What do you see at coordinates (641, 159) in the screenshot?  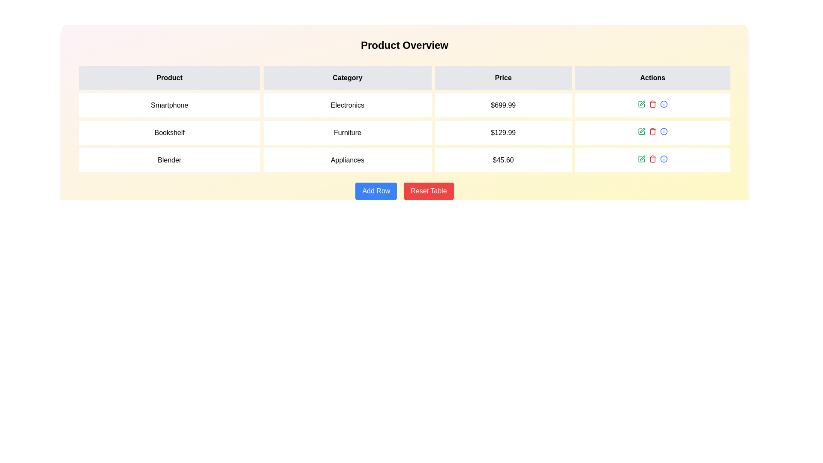 I see `the green pen edit icon located in the 'Actions' column of the last row for 'Blender'` at bounding box center [641, 159].